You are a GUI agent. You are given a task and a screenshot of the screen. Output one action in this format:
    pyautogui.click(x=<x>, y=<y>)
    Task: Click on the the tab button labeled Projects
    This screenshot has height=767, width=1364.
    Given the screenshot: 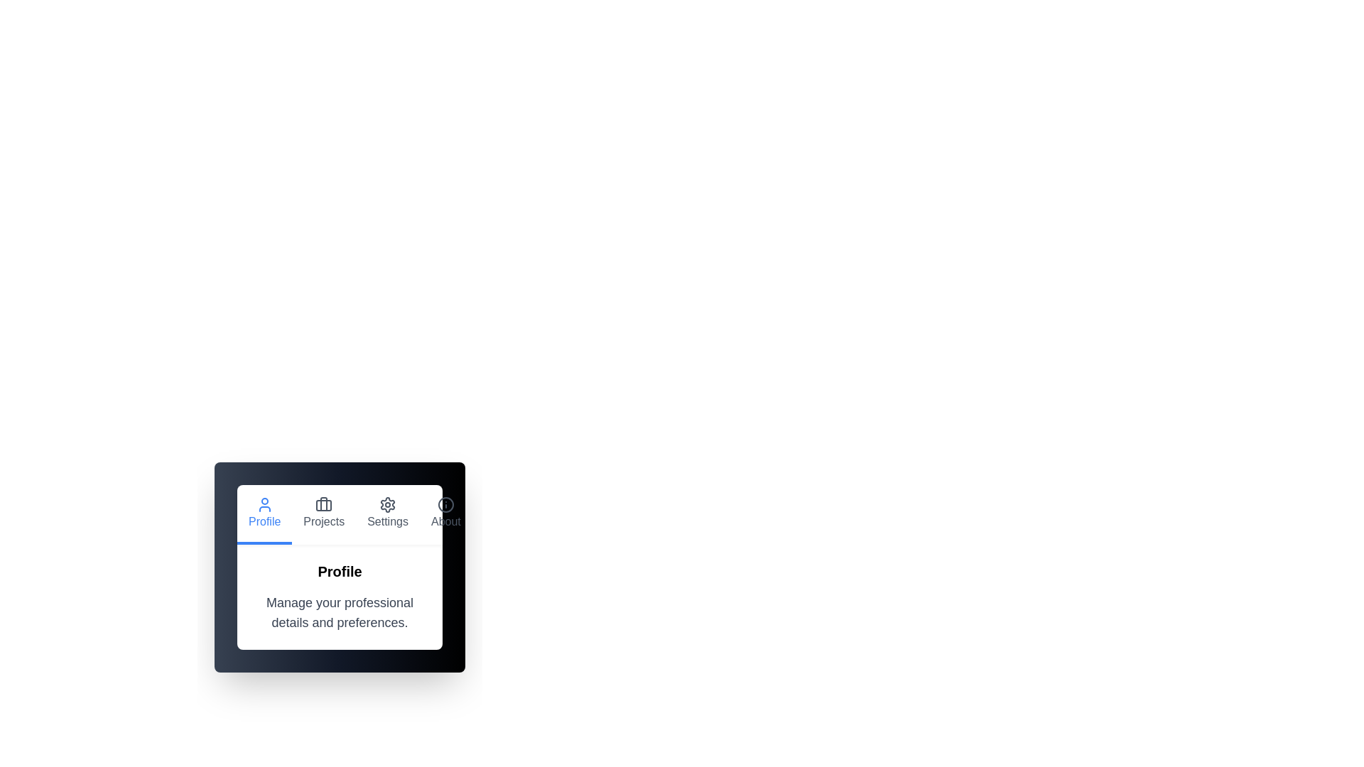 What is the action you would take?
    pyautogui.click(x=323, y=515)
    